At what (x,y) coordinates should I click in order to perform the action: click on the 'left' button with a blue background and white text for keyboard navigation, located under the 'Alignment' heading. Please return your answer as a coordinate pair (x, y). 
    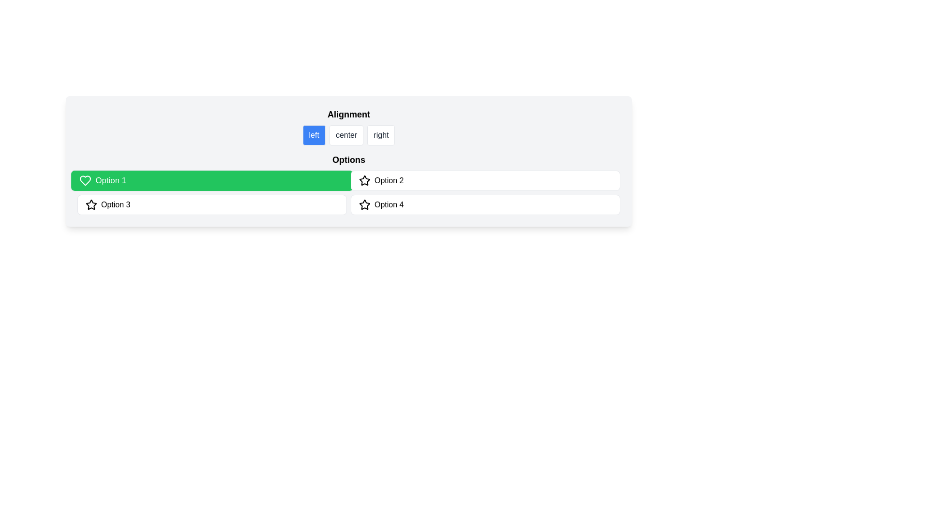
    Looking at the image, I should click on (314, 135).